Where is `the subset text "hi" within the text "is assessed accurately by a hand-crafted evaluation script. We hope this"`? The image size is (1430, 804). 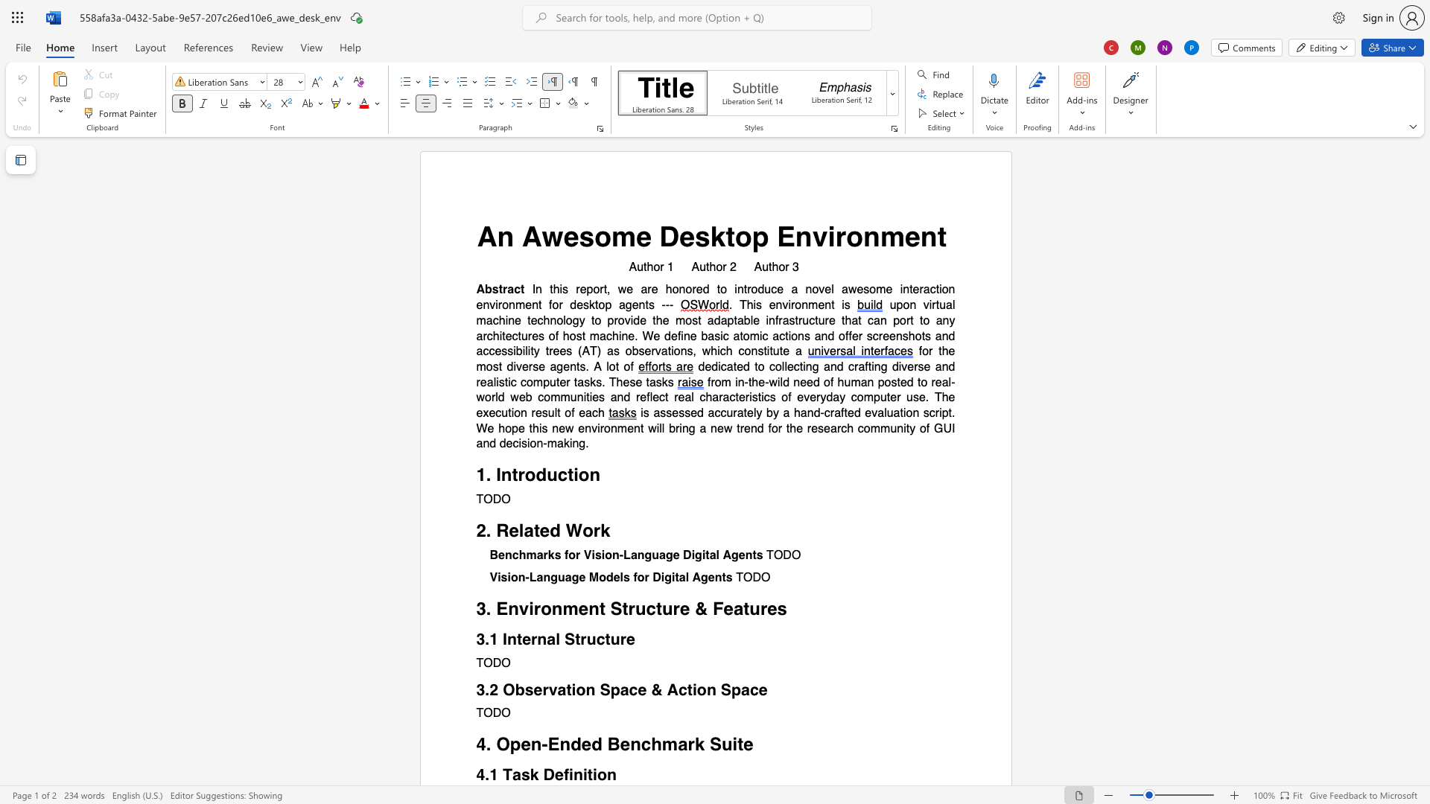
the subset text "hi" within the text "is assessed accurately by a hand-crafted evaluation script. We hope this" is located at coordinates (533, 428).